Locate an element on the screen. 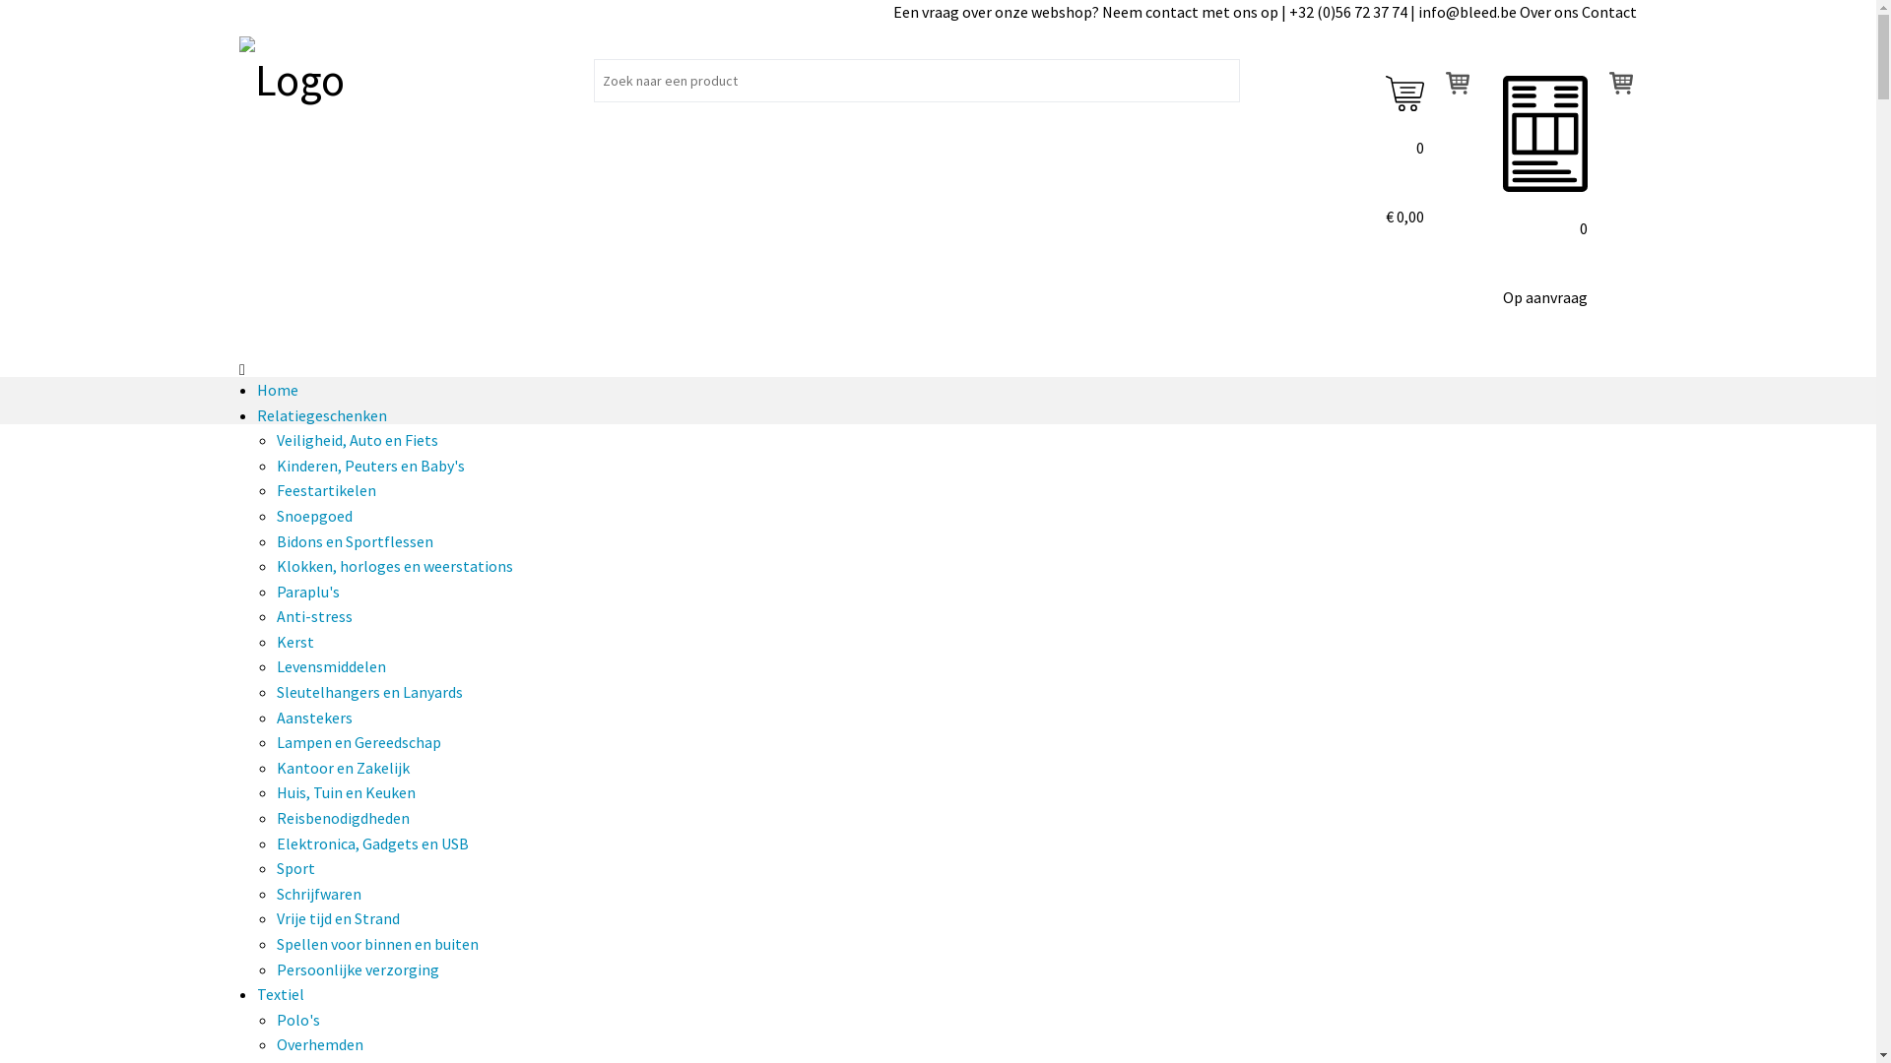  'Aanstekers' is located at coordinates (313, 718).